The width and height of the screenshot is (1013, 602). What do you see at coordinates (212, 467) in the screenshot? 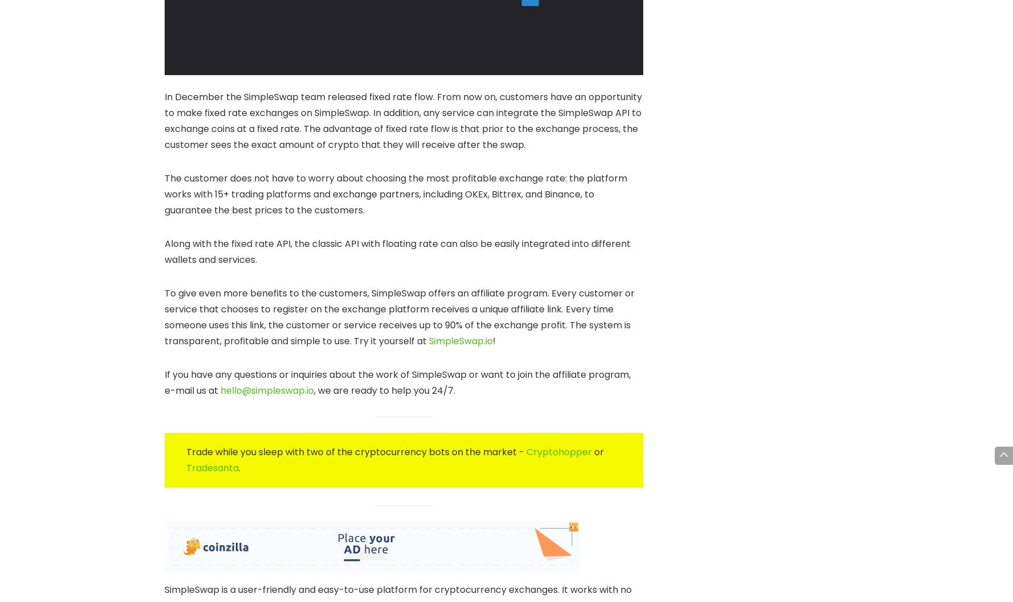
I see `'Tradesanta'` at bounding box center [212, 467].